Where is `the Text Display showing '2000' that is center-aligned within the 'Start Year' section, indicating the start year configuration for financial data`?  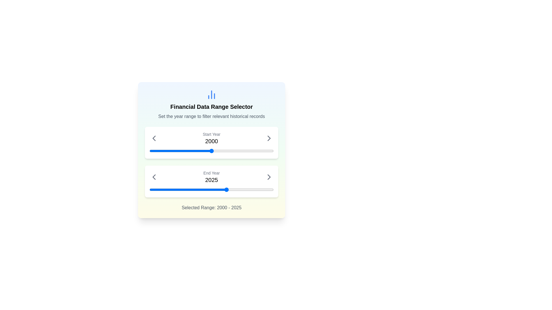 the Text Display showing '2000' that is center-aligned within the 'Start Year' section, indicating the start year configuration for financial data is located at coordinates (211, 141).